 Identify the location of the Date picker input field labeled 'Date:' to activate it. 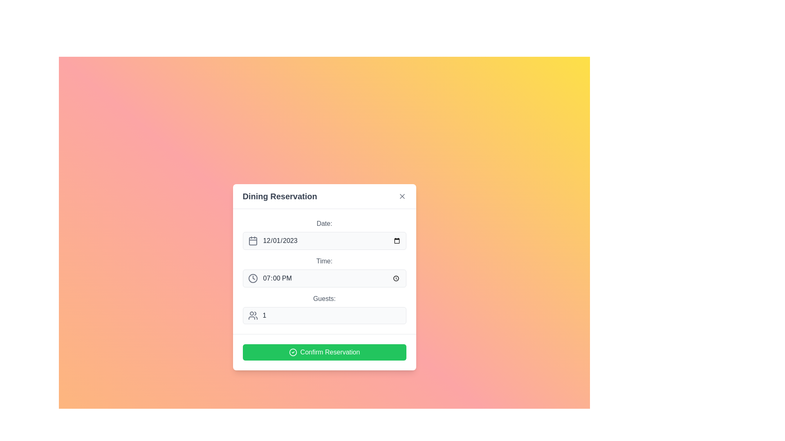
(324, 234).